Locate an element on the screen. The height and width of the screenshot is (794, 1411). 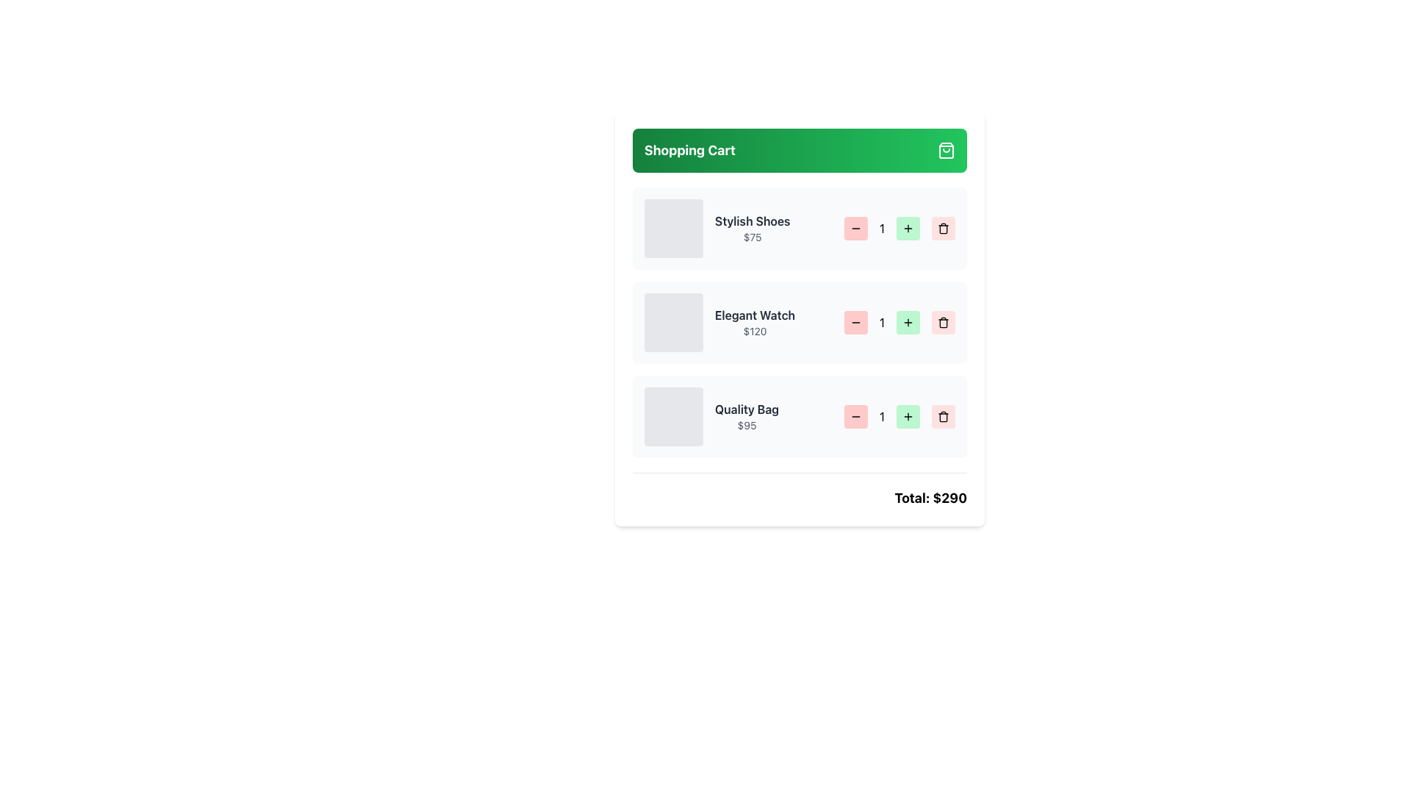
the light green button with a plus symbol, located in the shopping cart interface for the 'Elegant Watch' item, to activate hover effects is located at coordinates (908, 322).